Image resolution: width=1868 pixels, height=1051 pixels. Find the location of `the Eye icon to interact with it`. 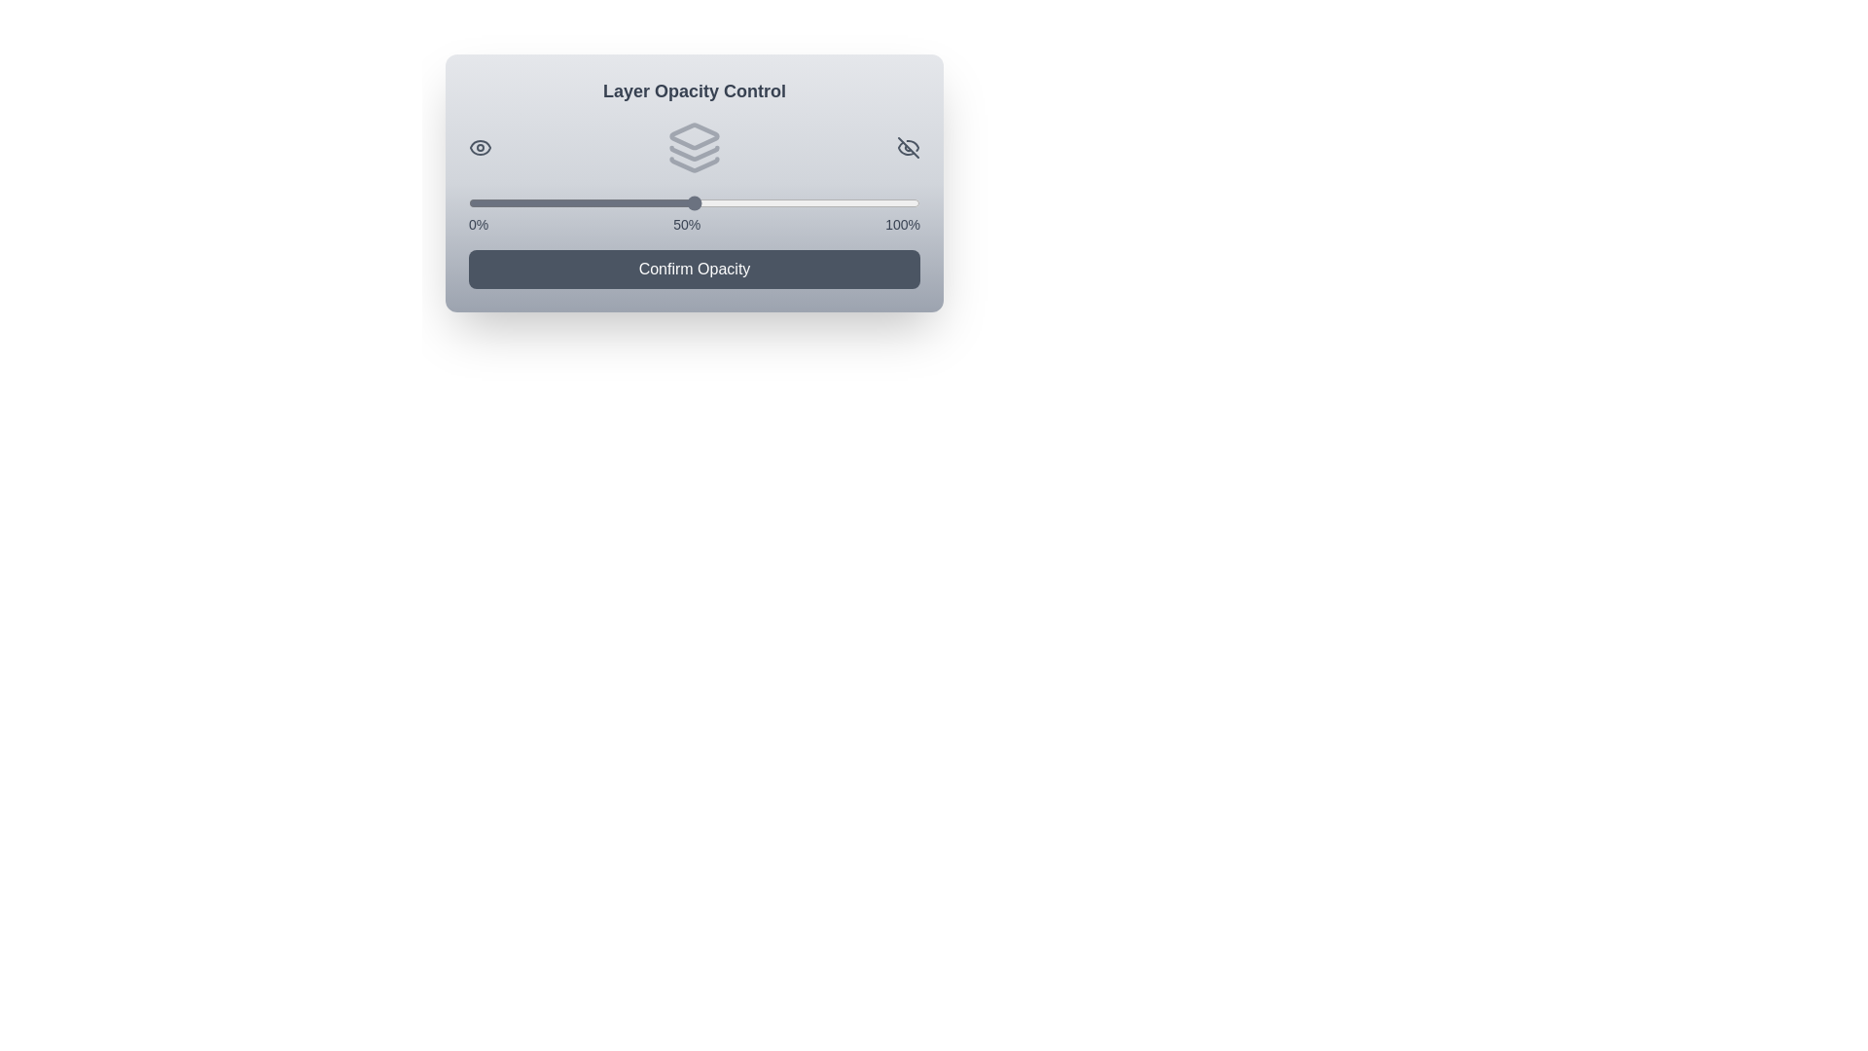

the Eye icon to interact with it is located at coordinates (481, 146).